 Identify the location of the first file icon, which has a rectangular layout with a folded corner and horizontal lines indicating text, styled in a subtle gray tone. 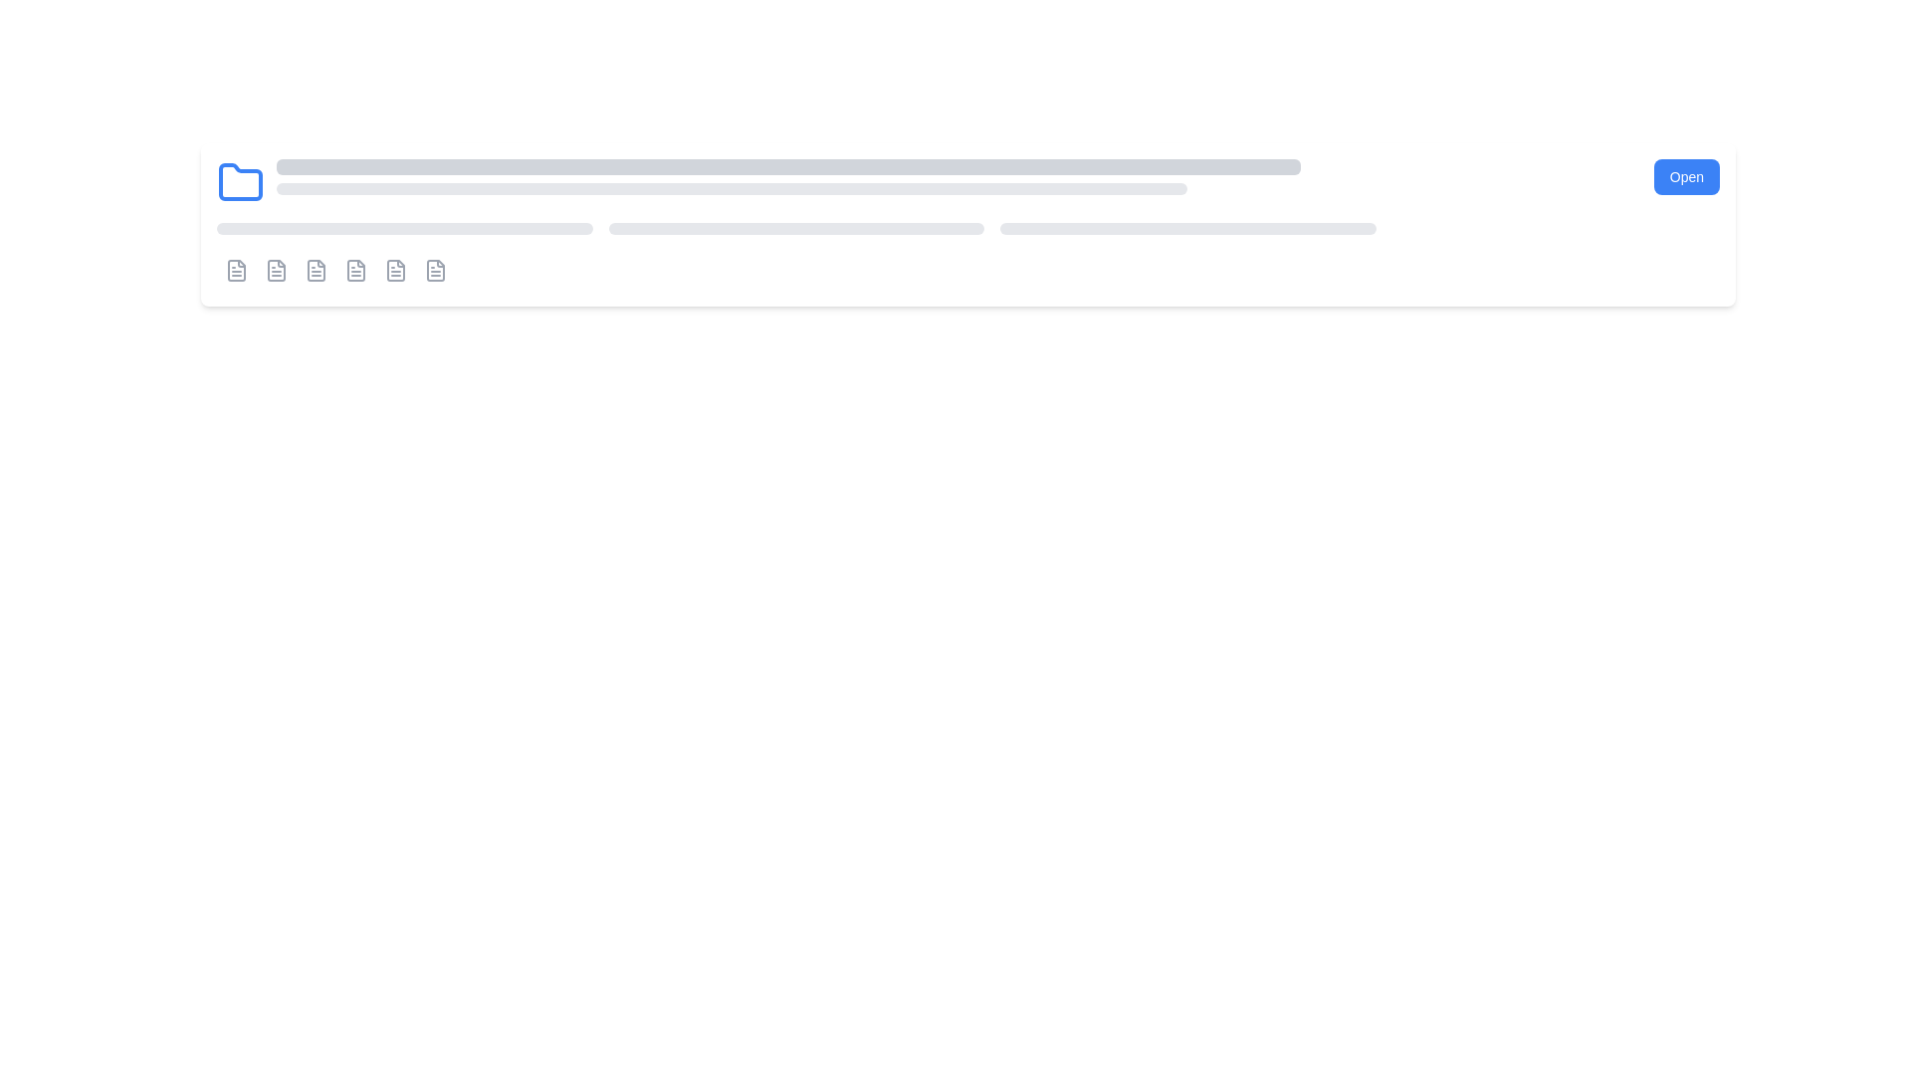
(434, 271).